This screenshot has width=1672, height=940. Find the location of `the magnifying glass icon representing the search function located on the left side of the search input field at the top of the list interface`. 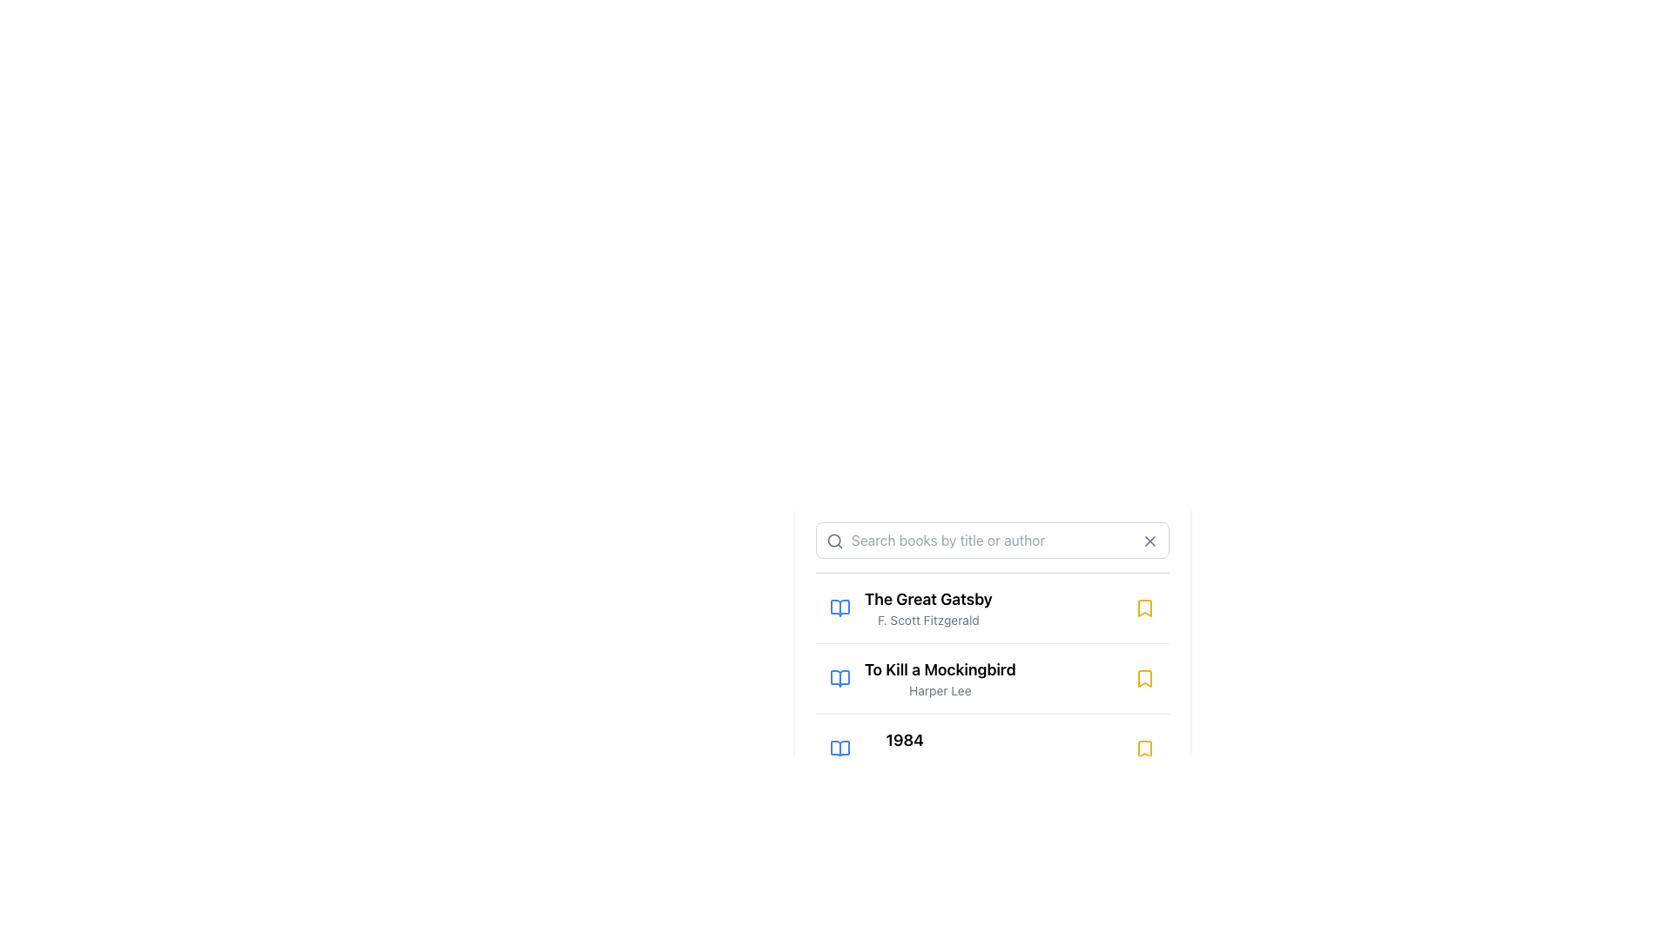

the magnifying glass icon representing the search function located on the left side of the search input field at the top of the list interface is located at coordinates (834, 540).